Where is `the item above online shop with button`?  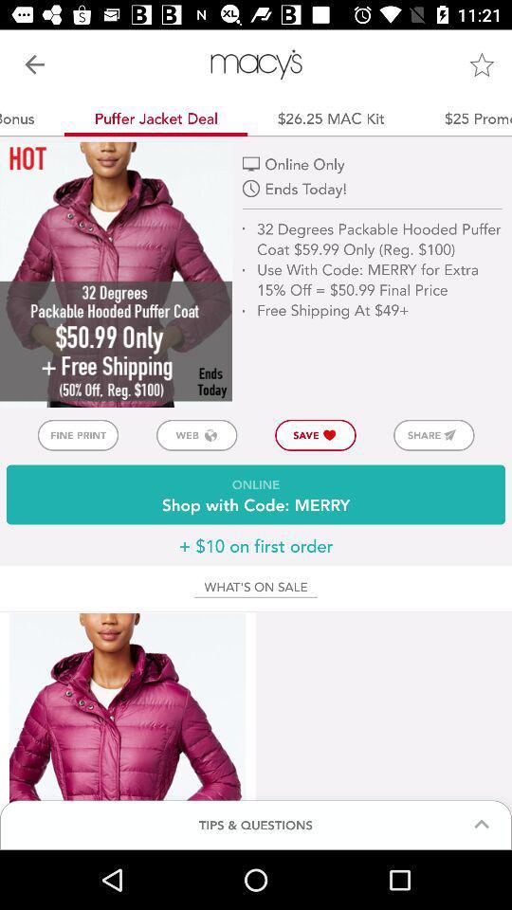 the item above online shop with button is located at coordinates (77, 435).